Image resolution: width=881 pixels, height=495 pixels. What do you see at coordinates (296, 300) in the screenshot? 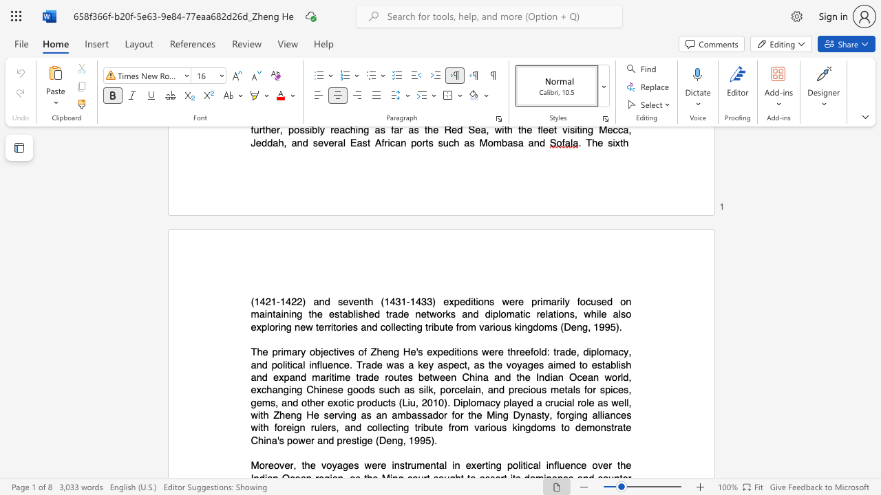
I see `the subset text "2)" within the text "(1421-1422) and seventh (1431-1433) expeditions were primarily focused on"` at bounding box center [296, 300].